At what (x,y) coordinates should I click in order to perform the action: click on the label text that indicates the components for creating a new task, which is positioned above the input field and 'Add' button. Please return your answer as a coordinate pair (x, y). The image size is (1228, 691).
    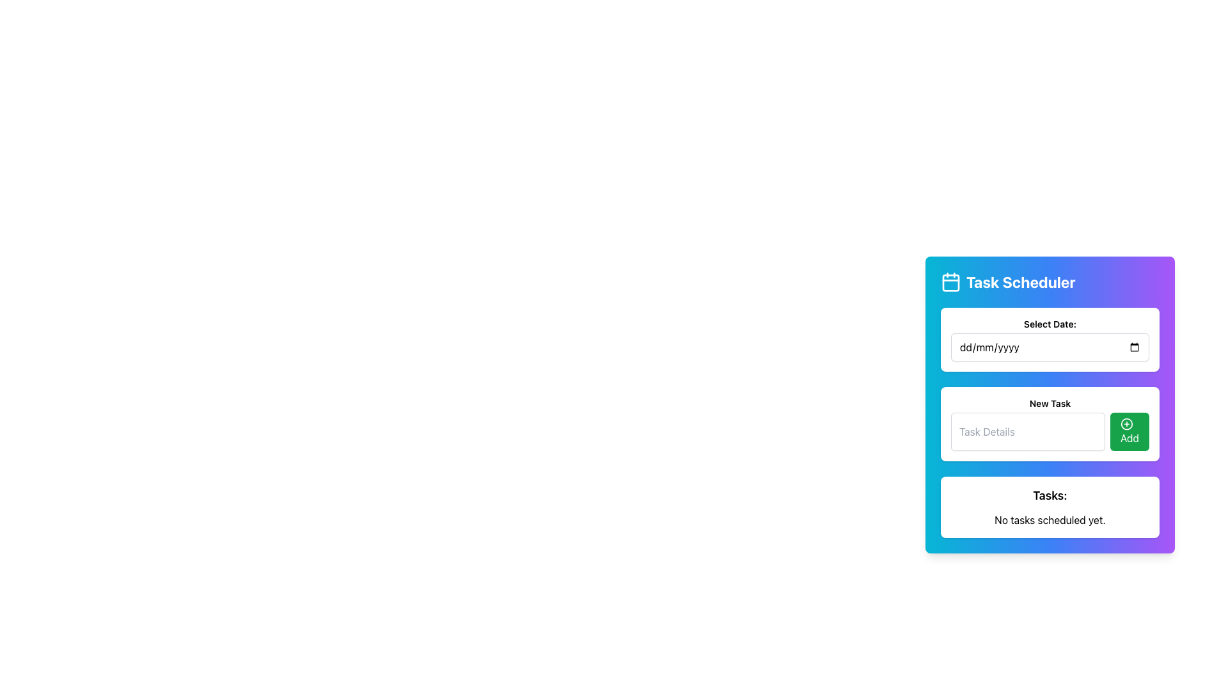
    Looking at the image, I should click on (1050, 404).